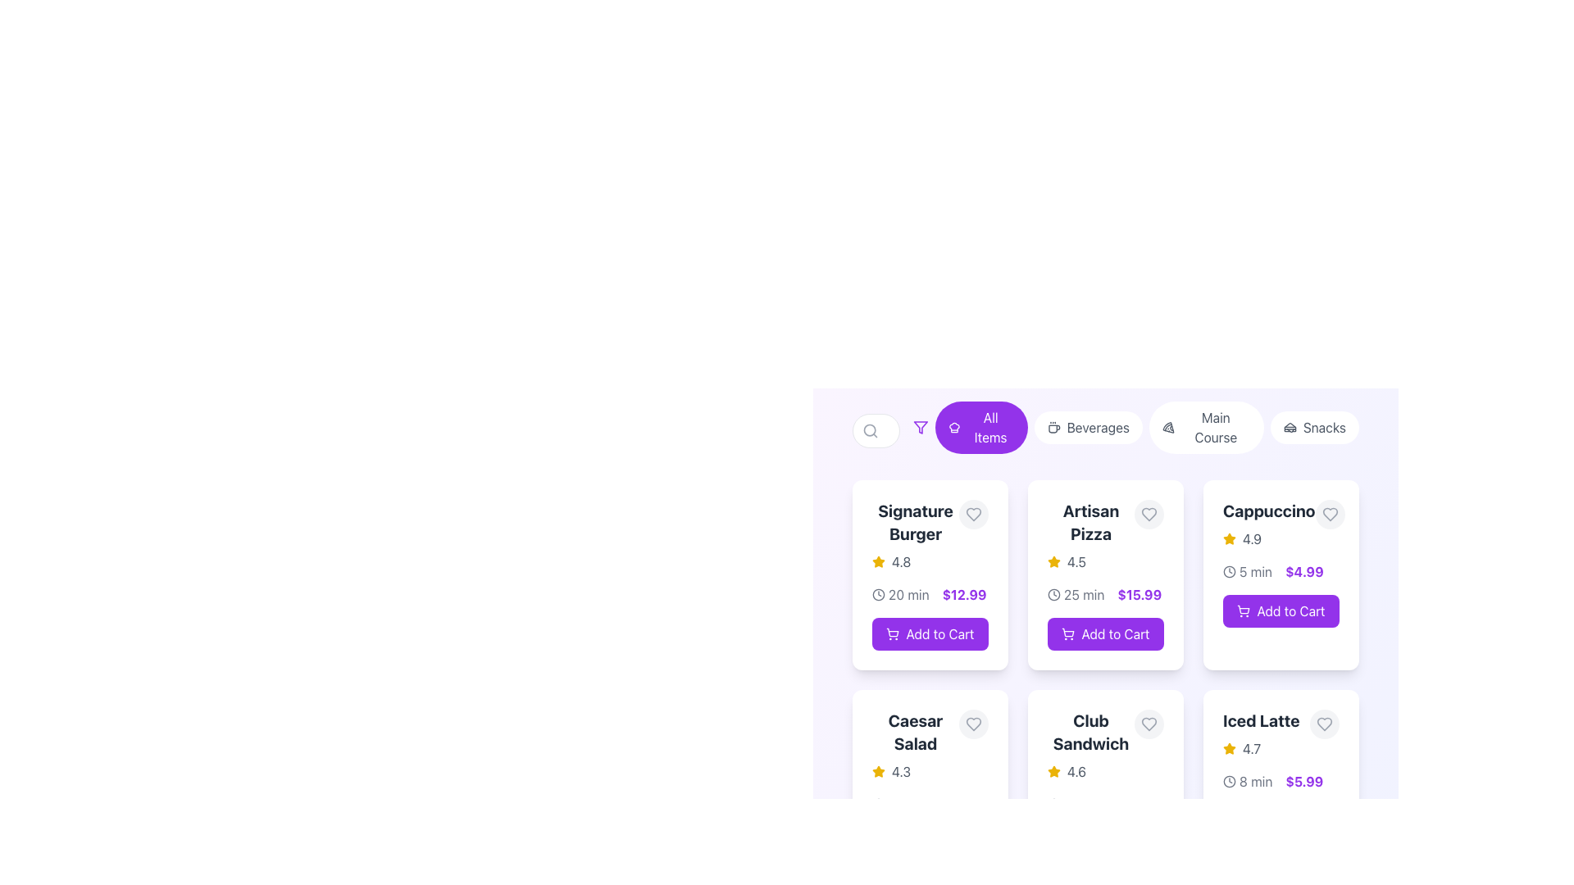  What do you see at coordinates (1254, 571) in the screenshot?
I see `the static text label that provides the estimated preparation or delivery time for the 'Cappuccino', located to the right of the clock icon in the top-right area of the product grid's third card` at bounding box center [1254, 571].